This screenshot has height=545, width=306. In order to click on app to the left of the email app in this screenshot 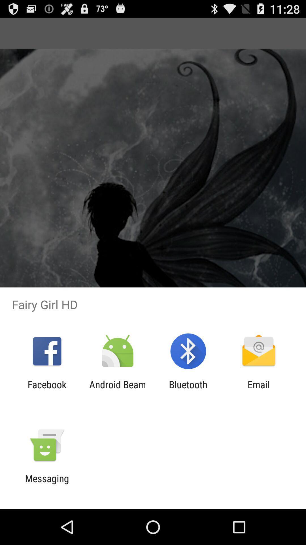, I will do `click(188, 390)`.